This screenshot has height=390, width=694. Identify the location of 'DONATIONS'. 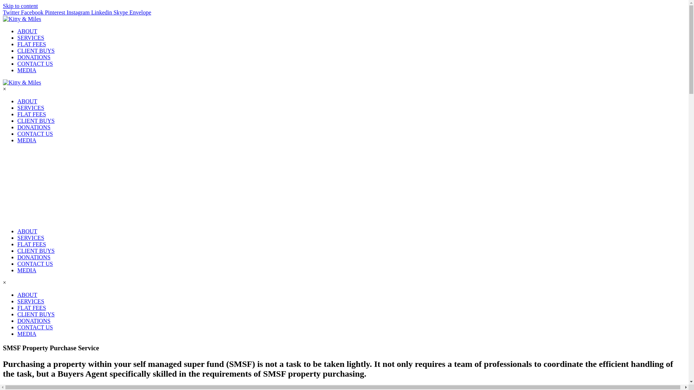
(34, 257).